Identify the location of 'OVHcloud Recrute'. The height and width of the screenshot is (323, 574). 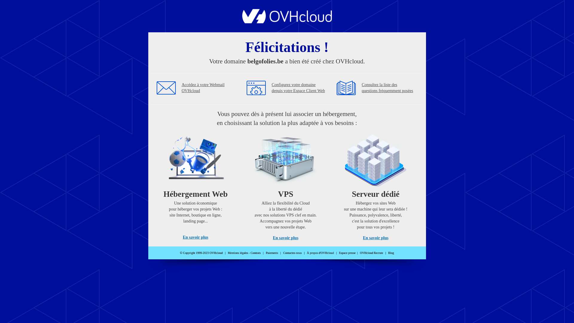
(371, 253).